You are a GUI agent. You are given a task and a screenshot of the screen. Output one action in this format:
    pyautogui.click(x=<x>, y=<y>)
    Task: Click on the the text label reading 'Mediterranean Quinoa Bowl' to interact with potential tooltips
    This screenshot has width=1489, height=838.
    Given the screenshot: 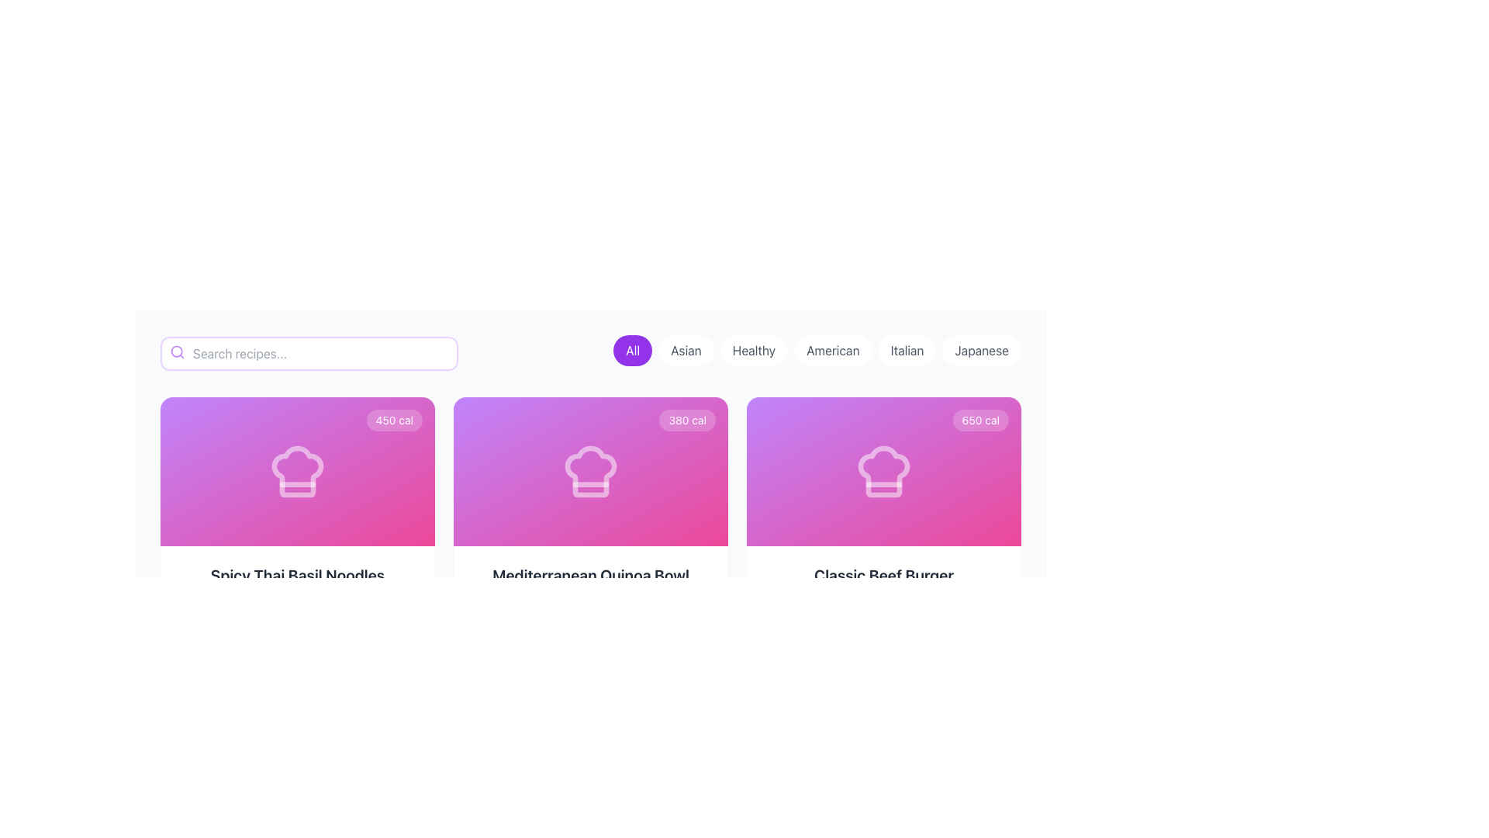 What is the action you would take?
    pyautogui.click(x=590, y=575)
    